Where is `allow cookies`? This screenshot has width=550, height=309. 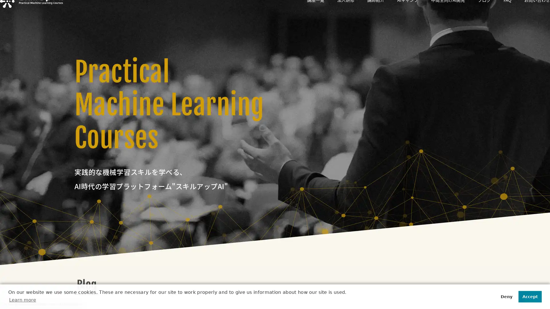 allow cookies is located at coordinates (529, 296).